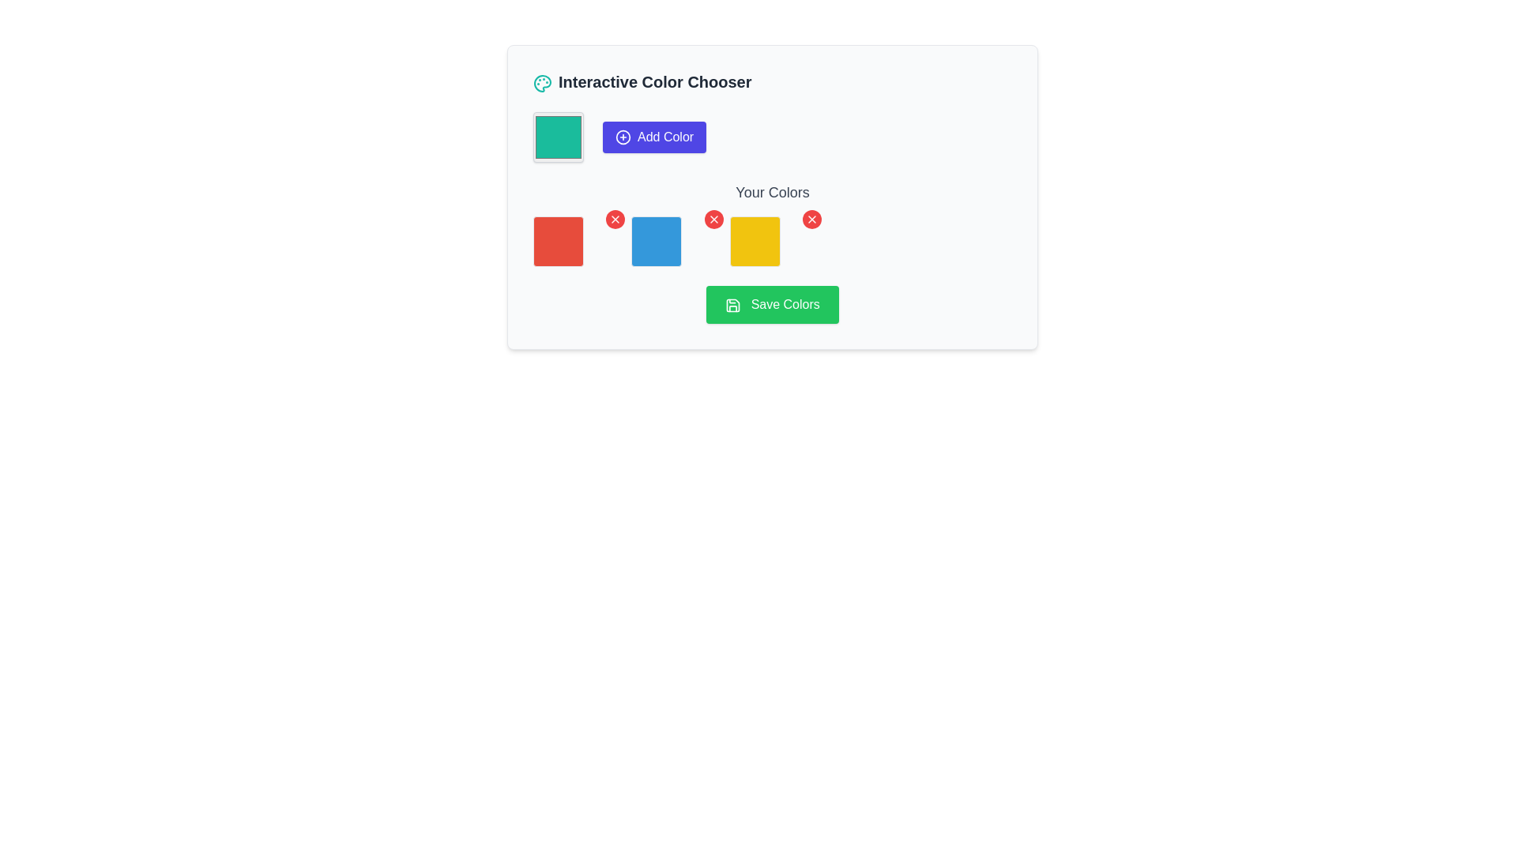 Image resolution: width=1517 pixels, height=853 pixels. I want to click on the teal circular palette icon located to the left of the title text 'Interactive Color Chooser' in the header section, so click(542, 82).